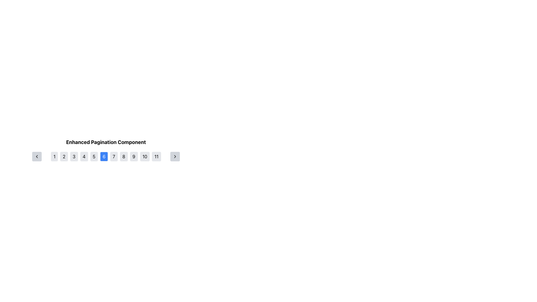 The image size is (537, 302). What do you see at coordinates (37, 156) in the screenshot?
I see `the leftward pointing chevron icon in the first pagination button of the navigation bar to trigger hover effects` at bounding box center [37, 156].